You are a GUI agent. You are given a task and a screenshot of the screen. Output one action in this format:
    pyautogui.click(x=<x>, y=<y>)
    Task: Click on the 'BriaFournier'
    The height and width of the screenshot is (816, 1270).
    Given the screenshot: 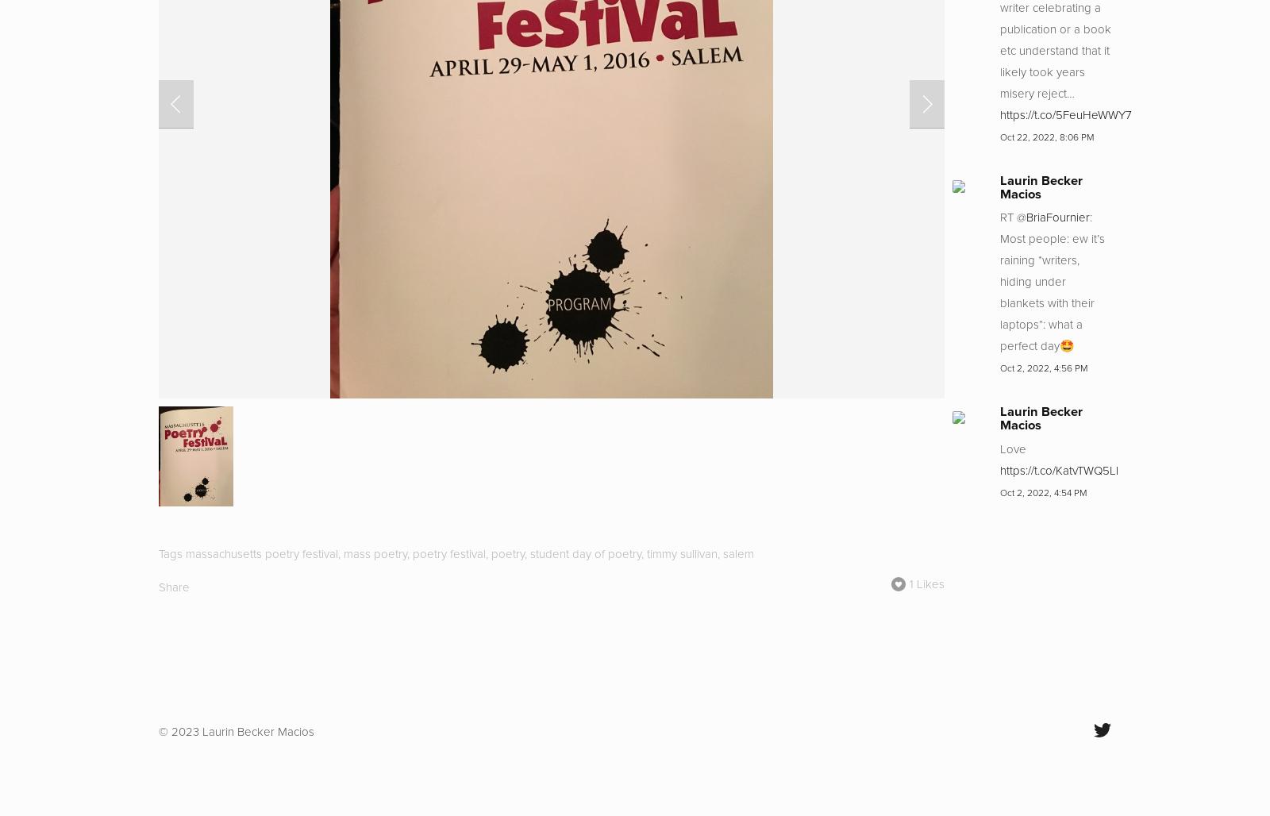 What is the action you would take?
    pyautogui.click(x=1056, y=217)
    